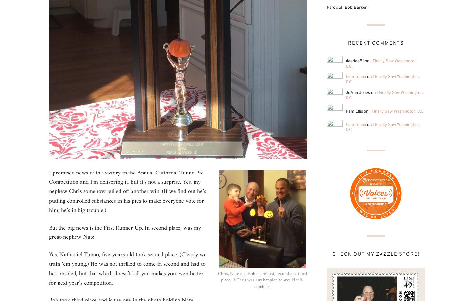 The width and height of the screenshot is (474, 301). Describe the element at coordinates (347, 8) in the screenshot. I see `'Farewell Bob Barker'` at that location.